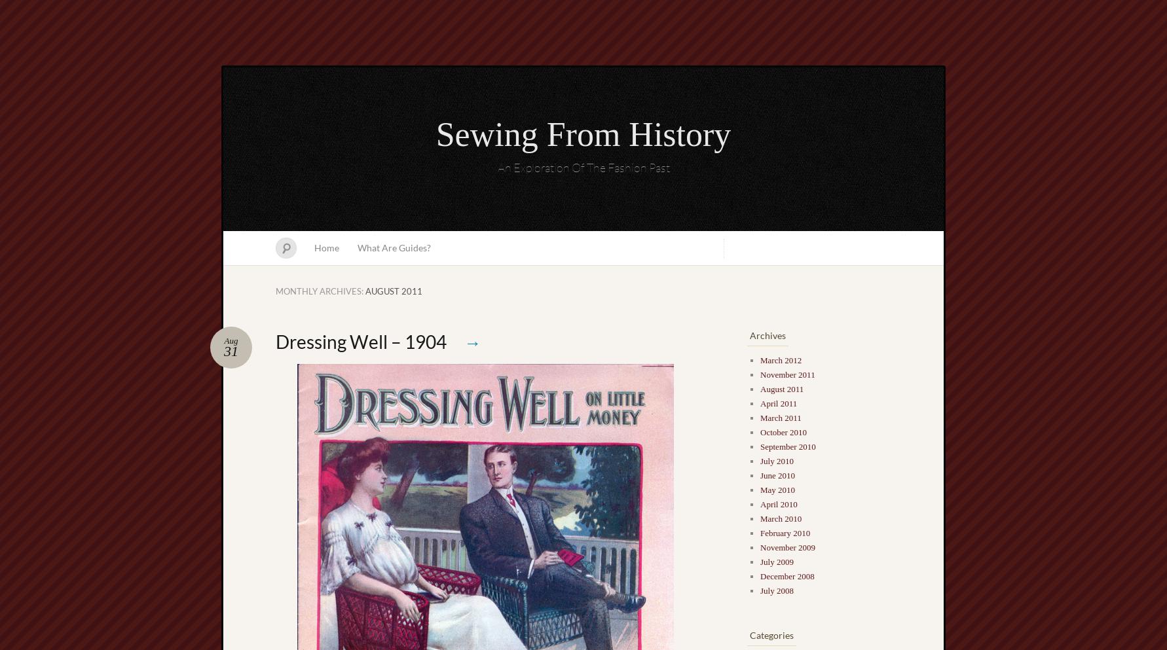 The width and height of the screenshot is (1167, 650). I want to click on 'June 2010', so click(759, 475).